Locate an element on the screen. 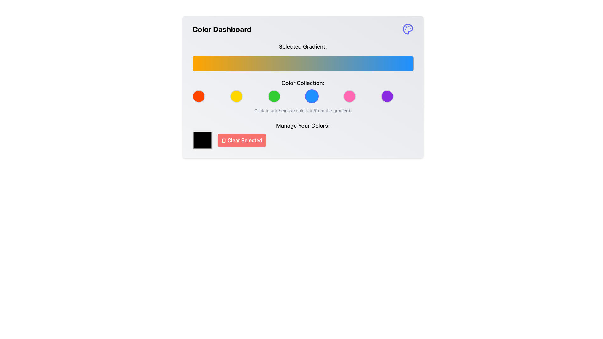 The image size is (603, 339). the color display box, which is a square-shaped UI component with a black background and a thin white border, located to the left of the 'Clear Selected' button is located at coordinates (202, 140).